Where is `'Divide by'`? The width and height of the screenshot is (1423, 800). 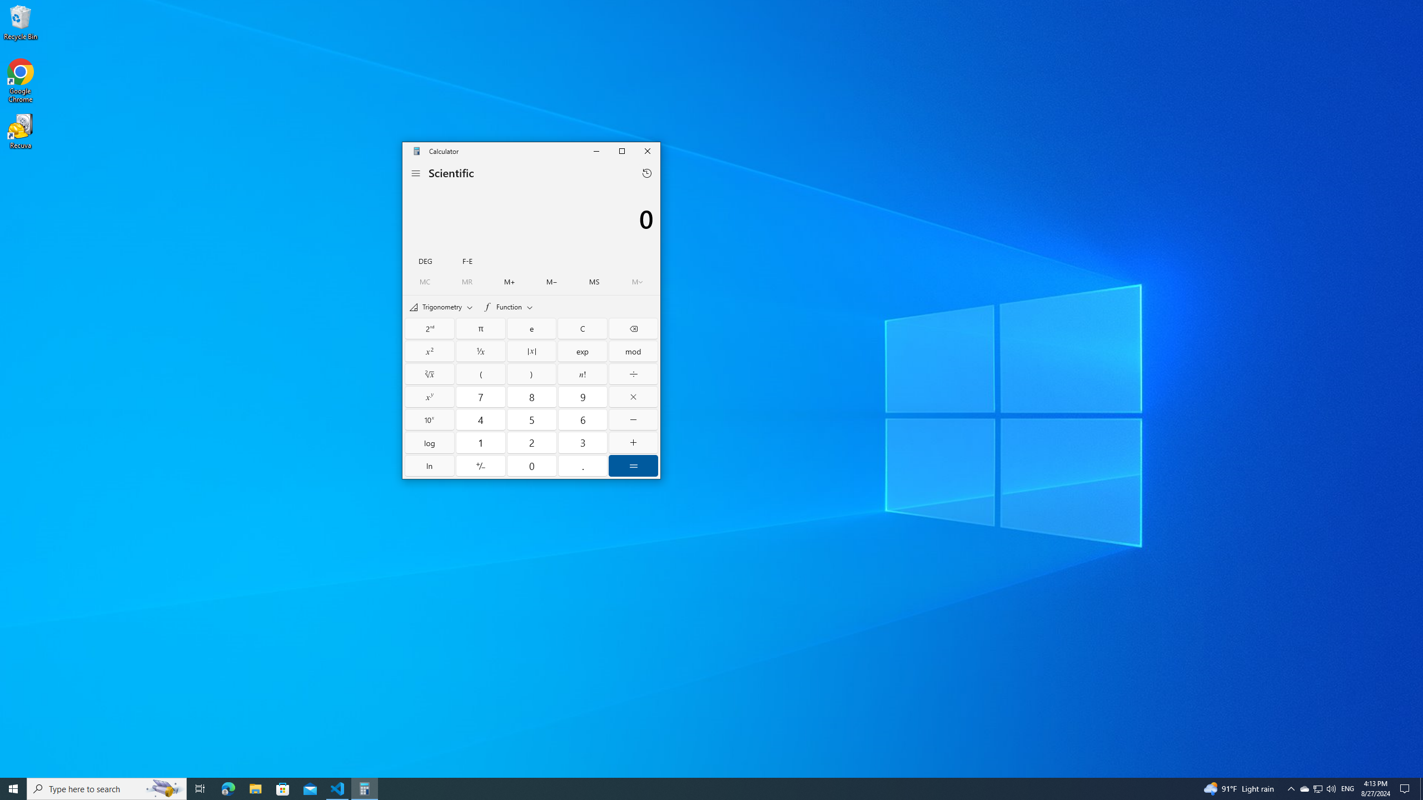
'Divide by' is located at coordinates (633, 374).